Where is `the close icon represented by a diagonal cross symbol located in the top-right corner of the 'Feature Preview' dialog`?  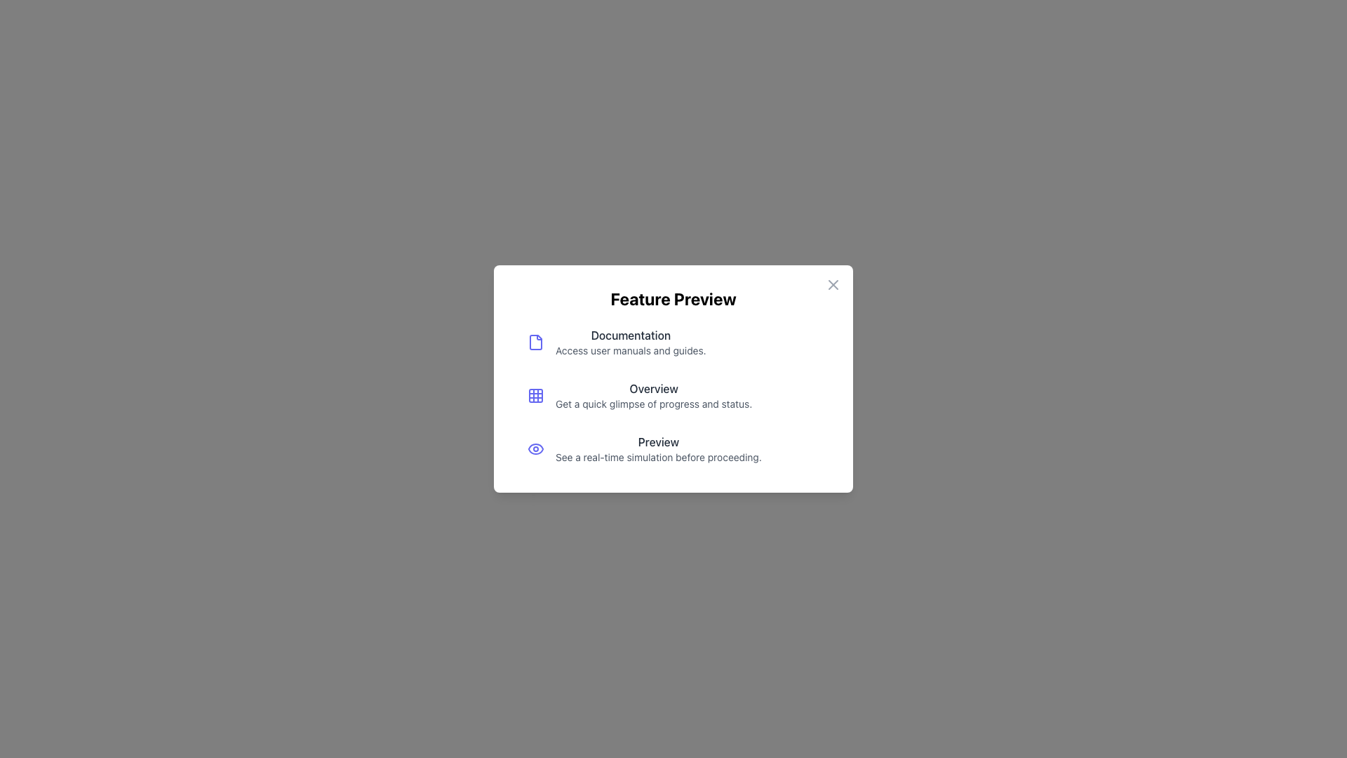
the close icon represented by a diagonal cross symbol located in the top-right corner of the 'Feature Preview' dialog is located at coordinates (833, 284).